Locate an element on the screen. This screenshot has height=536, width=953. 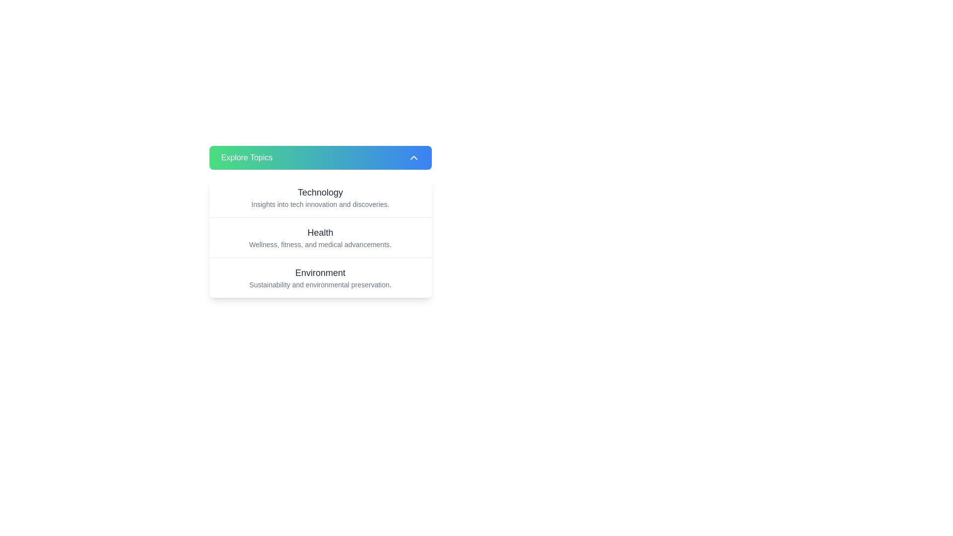
the clickable list item labeled 'Health', which is the second option in a vertical list of topics is located at coordinates (320, 237).